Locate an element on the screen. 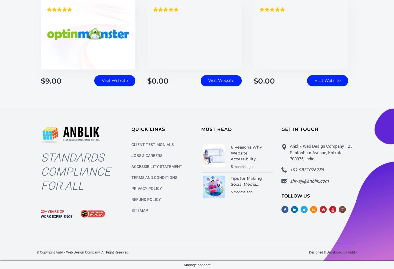 The width and height of the screenshot is (394, 269). 'Accessibility Statement' is located at coordinates (157, 167).